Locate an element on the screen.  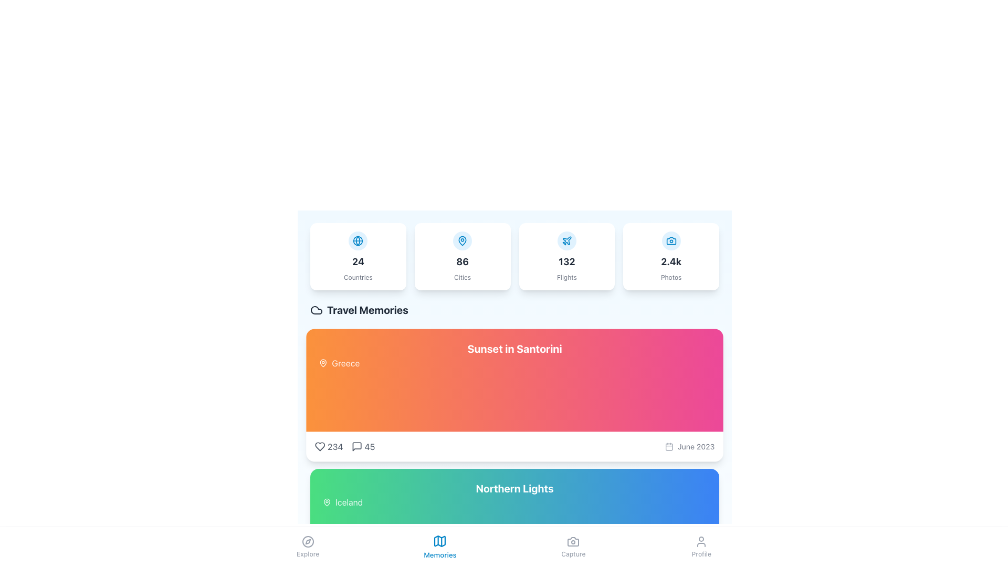
the small message icon with a square speech bubble design, located is located at coordinates (357, 446).